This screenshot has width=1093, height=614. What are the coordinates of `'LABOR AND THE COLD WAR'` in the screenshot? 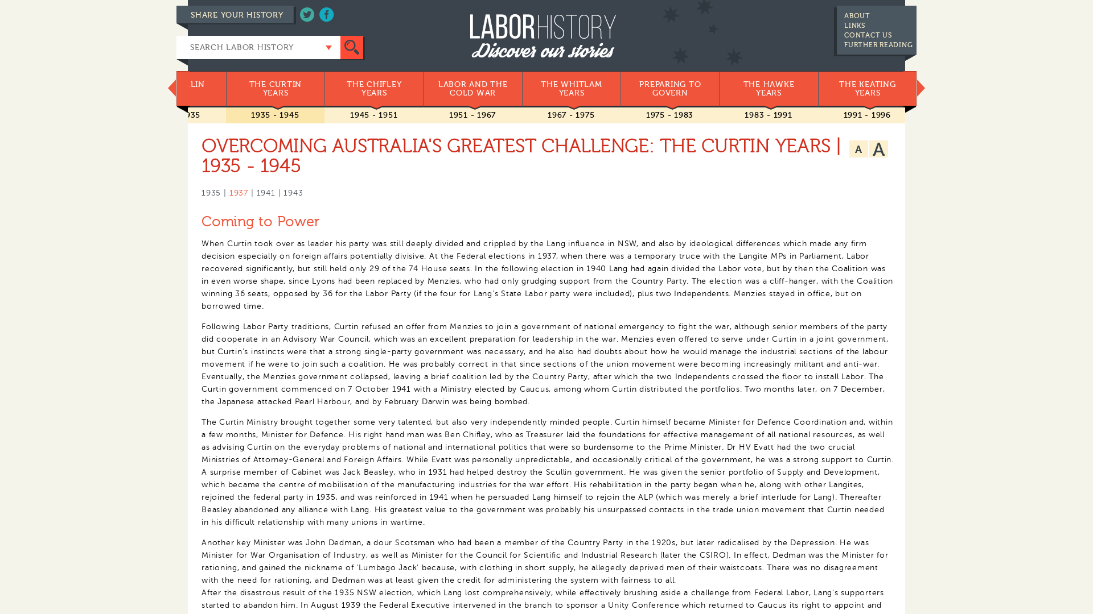 It's located at (472, 89).